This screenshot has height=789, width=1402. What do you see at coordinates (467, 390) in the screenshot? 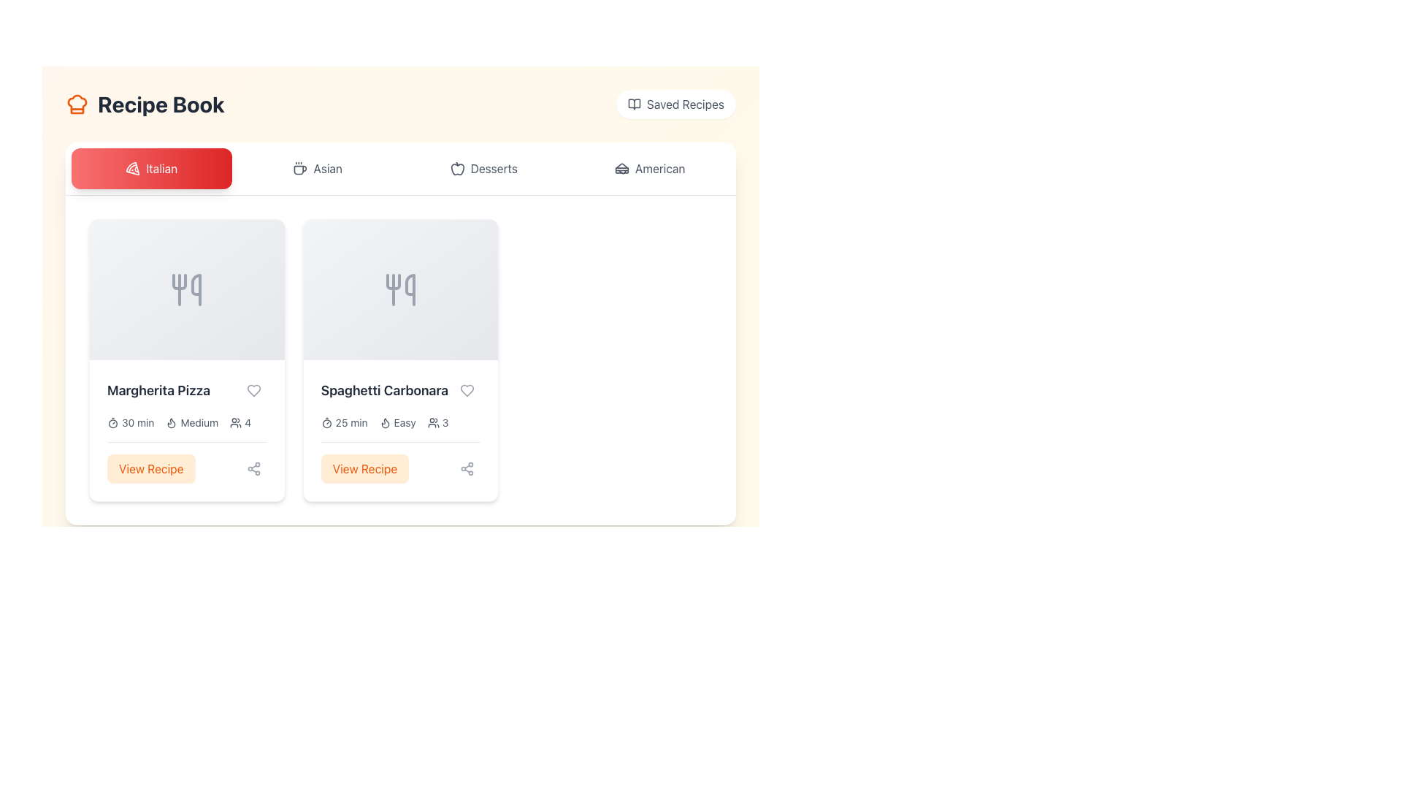
I see `the heart-shaped icon button located in the upper-right corner of the 'Spaghetti Carbonara' recipe card` at bounding box center [467, 390].